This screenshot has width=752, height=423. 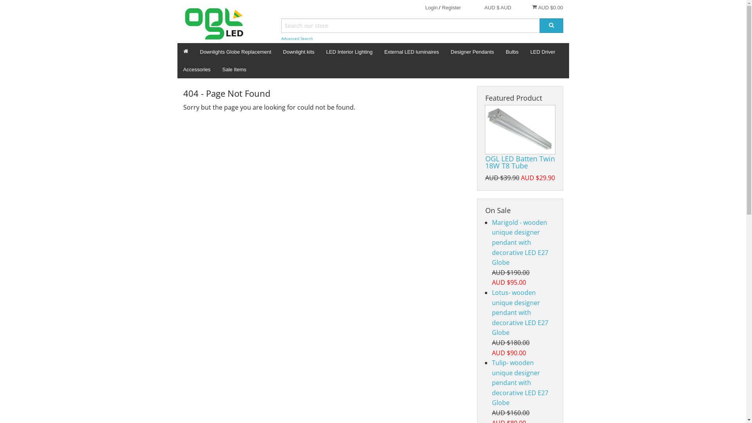 I want to click on 'Downlight kits', so click(x=277, y=52).